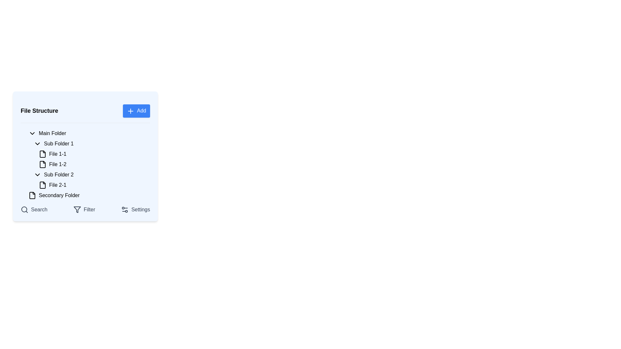 The width and height of the screenshot is (621, 349). What do you see at coordinates (125, 209) in the screenshot?
I see `the visual indicator icon next to the 'Settings' button located at the bottom right corner of the primary panel` at bounding box center [125, 209].